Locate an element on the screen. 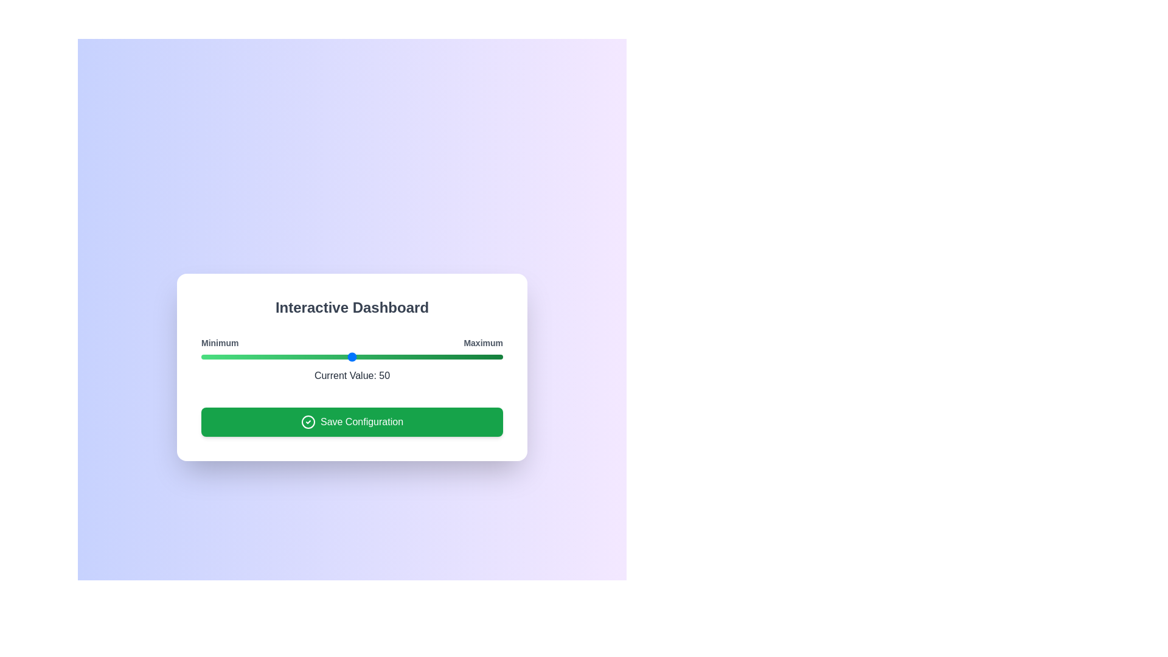  the slider to observe visual effects is located at coordinates (352, 356).